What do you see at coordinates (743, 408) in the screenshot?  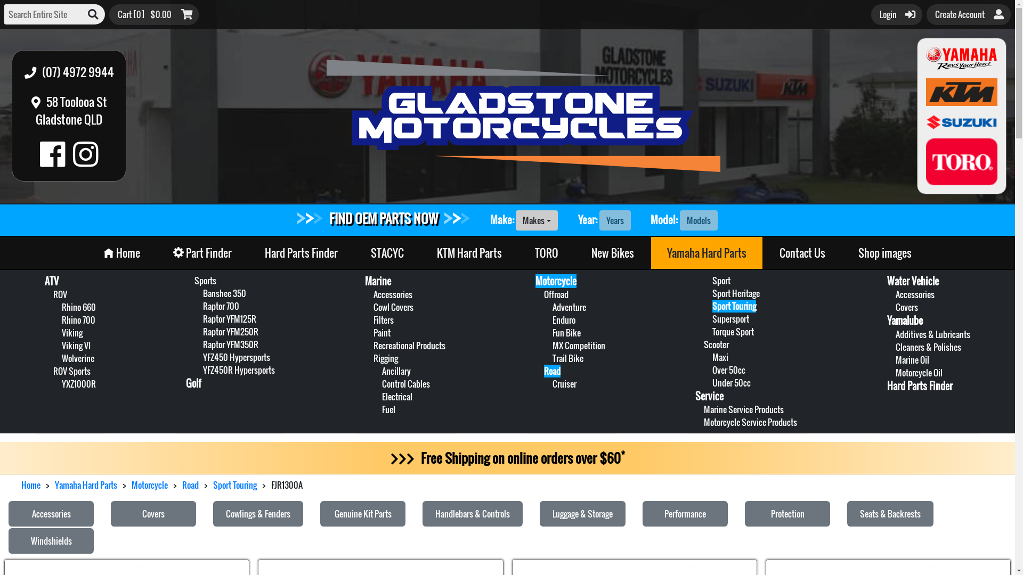 I see `'Marine Service Products'` at bounding box center [743, 408].